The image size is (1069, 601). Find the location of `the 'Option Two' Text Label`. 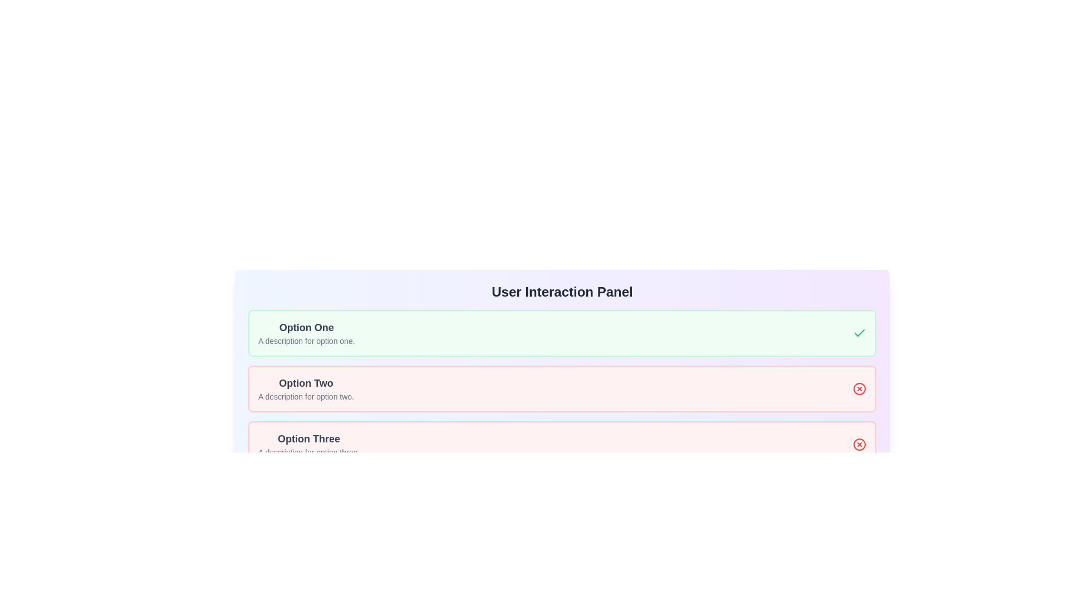

the 'Option Two' Text Label is located at coordinates (306, 383).